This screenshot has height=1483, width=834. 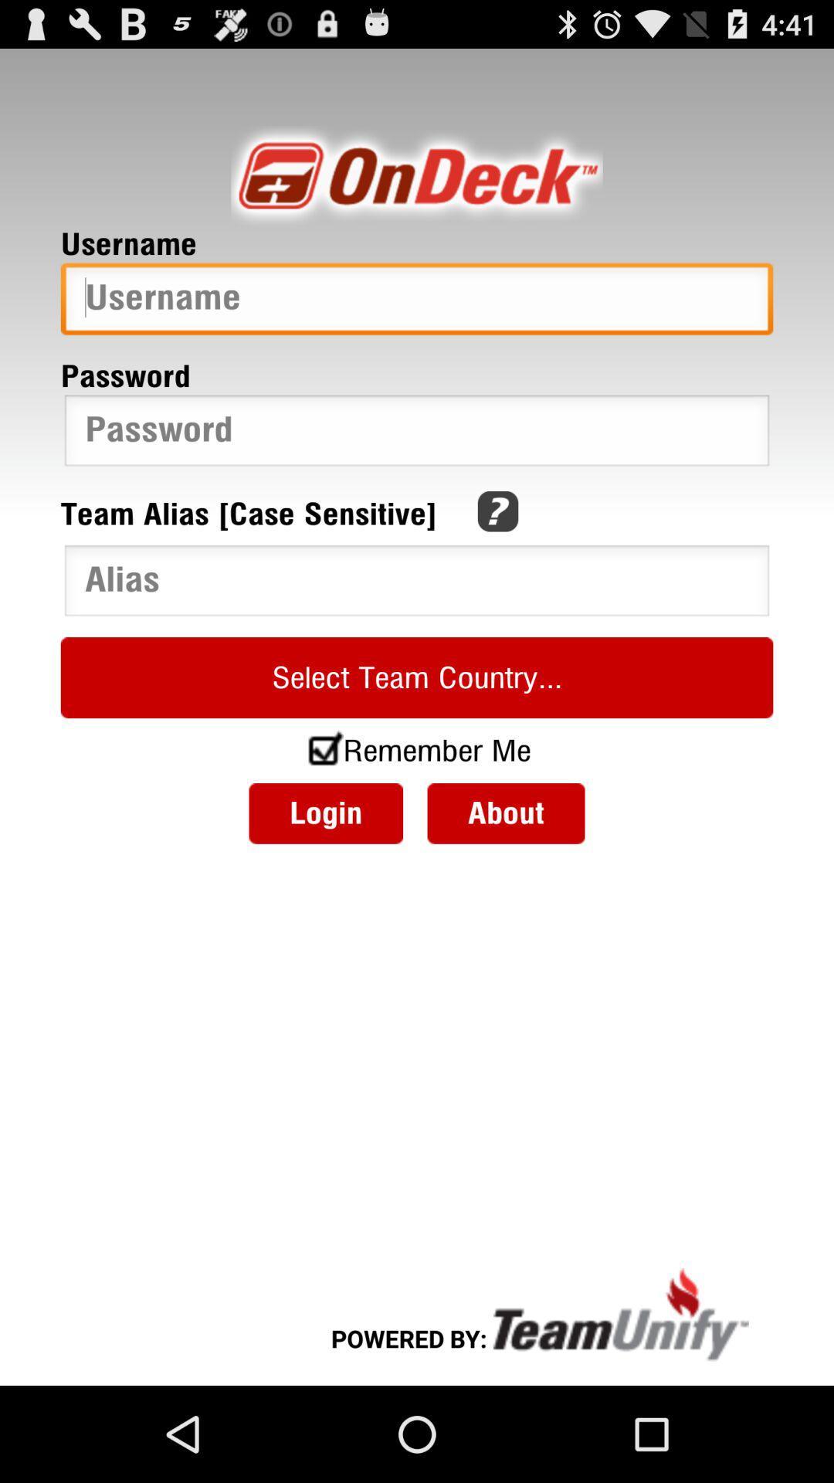 I want to click on type the username, so click(x=417, y=302).